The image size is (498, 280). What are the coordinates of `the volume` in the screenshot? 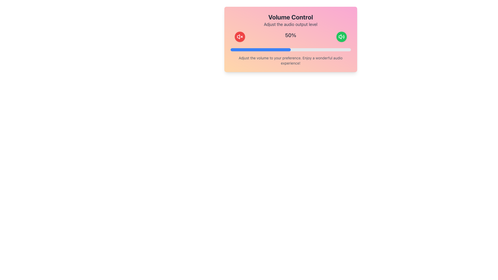 It's located at (336, 50).